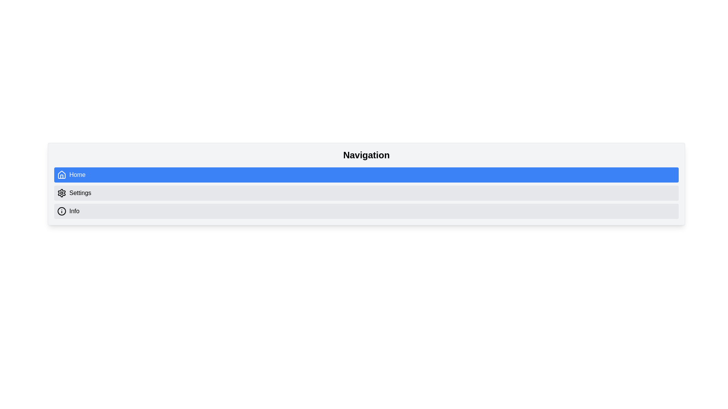  What do you see at coordinates (366, 211) in the screenshot?
I see `the navigation button located below the 'Settings' section` at bounding box center [366, 211].